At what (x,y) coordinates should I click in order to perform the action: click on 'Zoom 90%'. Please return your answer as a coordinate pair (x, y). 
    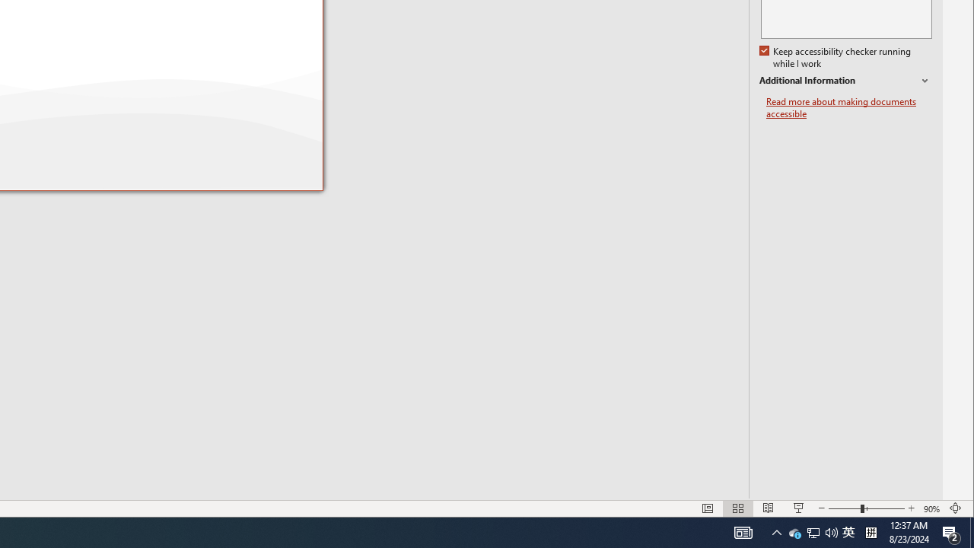
    Looking at the image, I should click on (931, 508).